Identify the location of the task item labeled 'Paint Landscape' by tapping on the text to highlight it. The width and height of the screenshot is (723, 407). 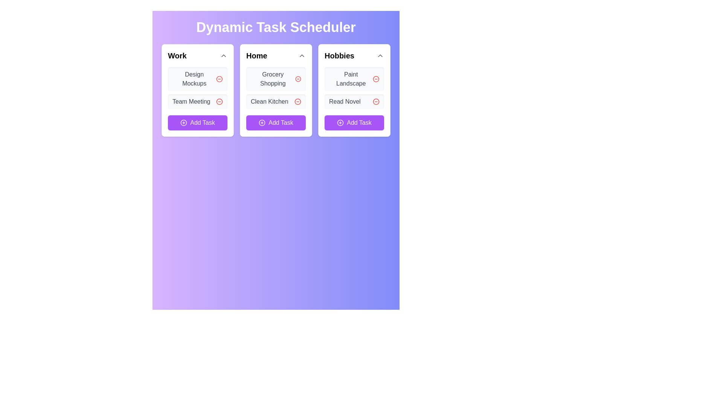
(354, 79).